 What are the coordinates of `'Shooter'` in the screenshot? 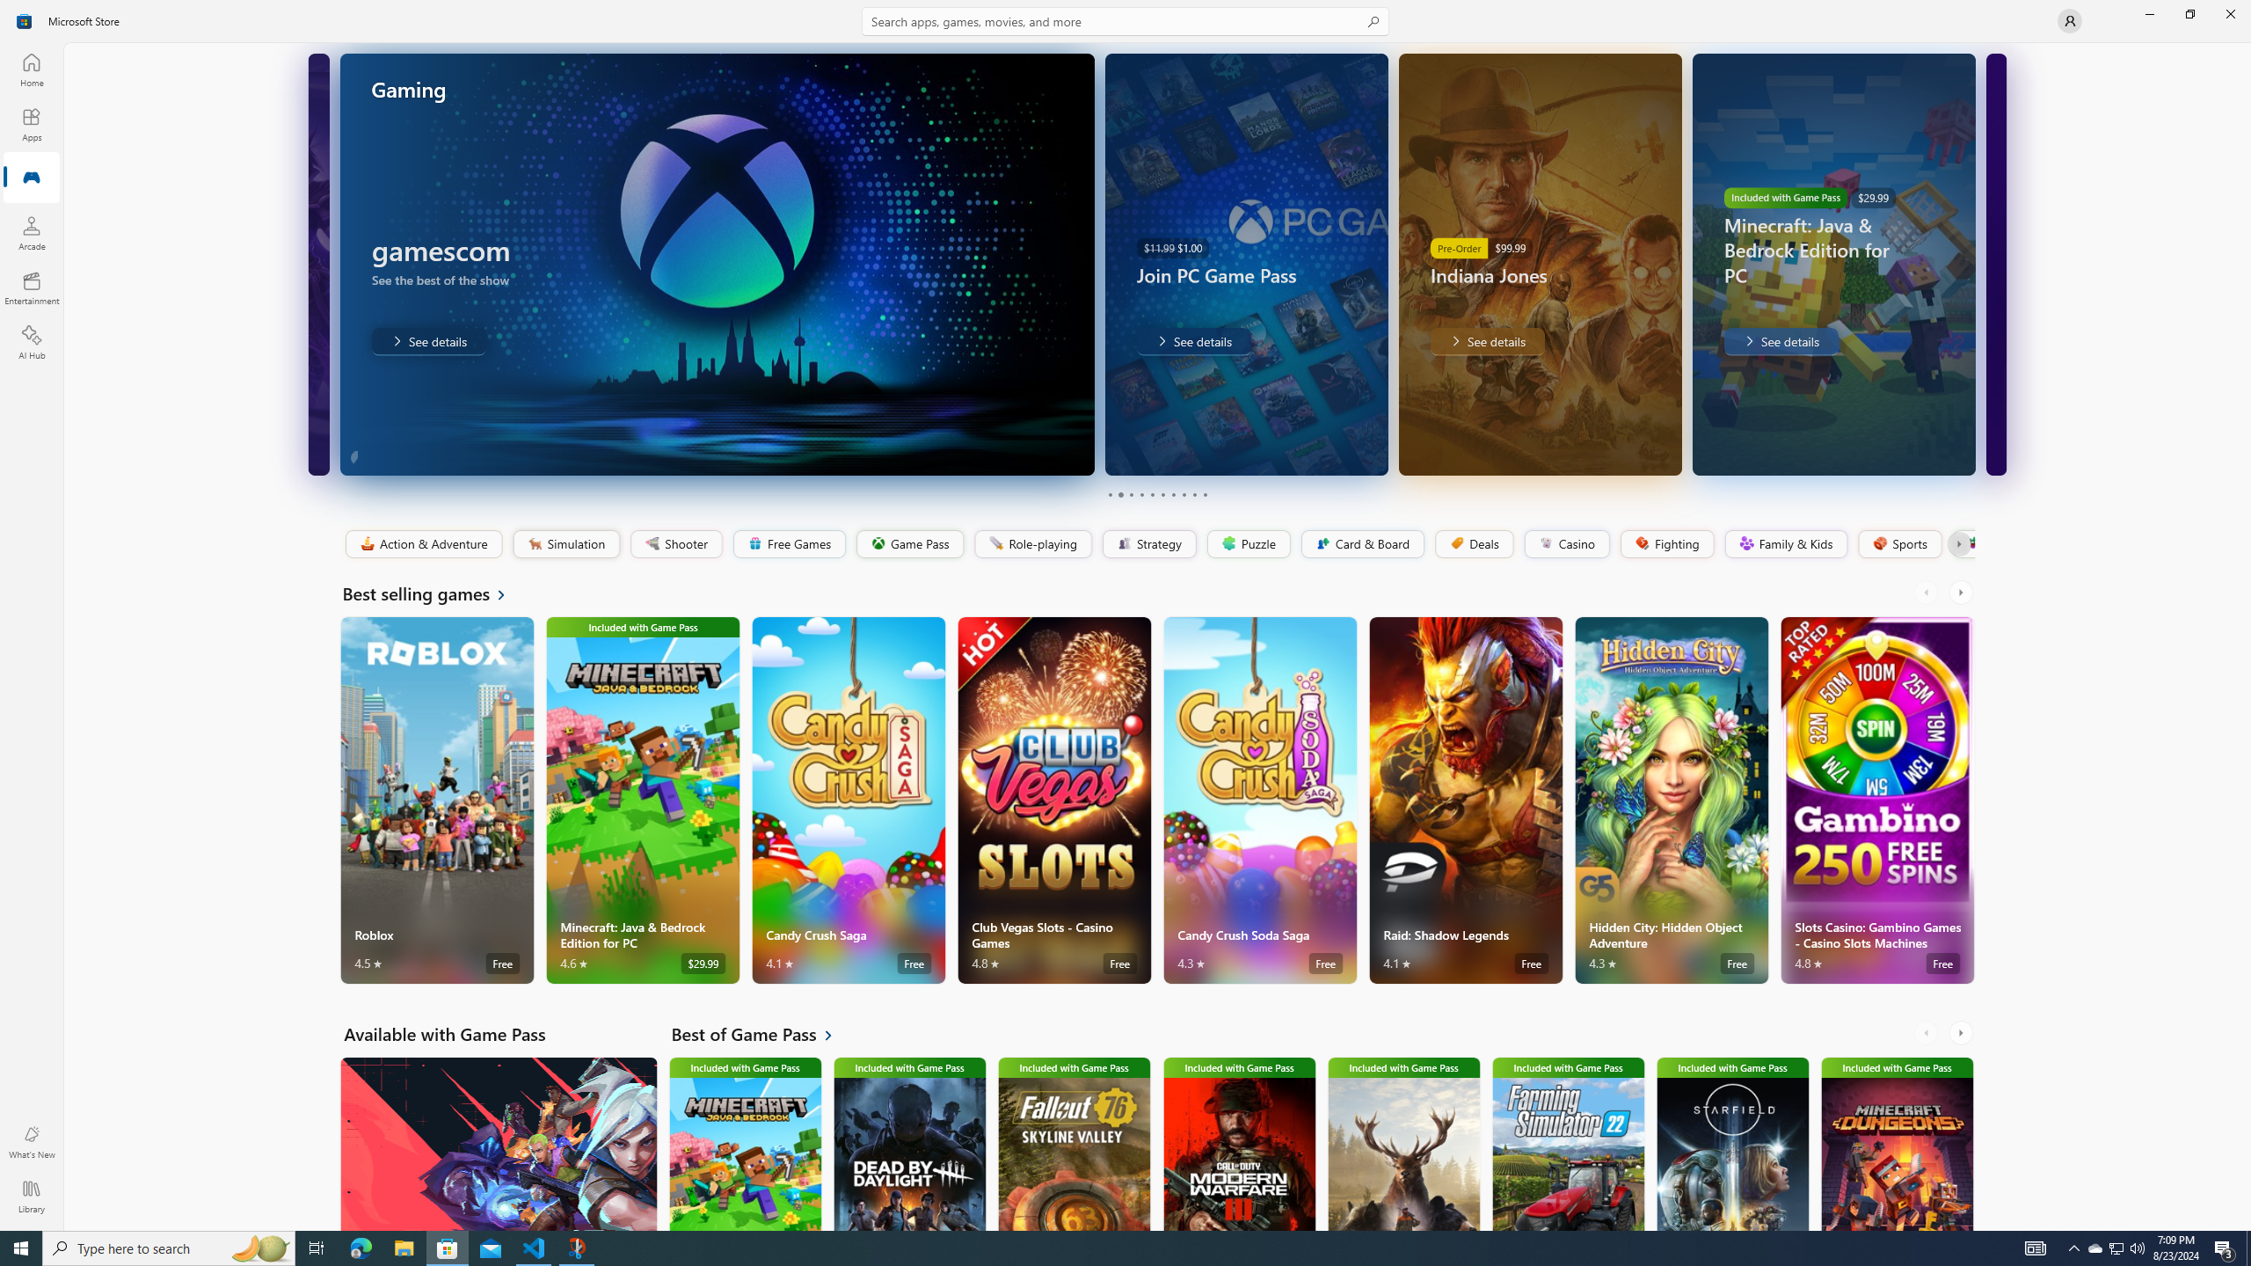 It's located at (674, 543).